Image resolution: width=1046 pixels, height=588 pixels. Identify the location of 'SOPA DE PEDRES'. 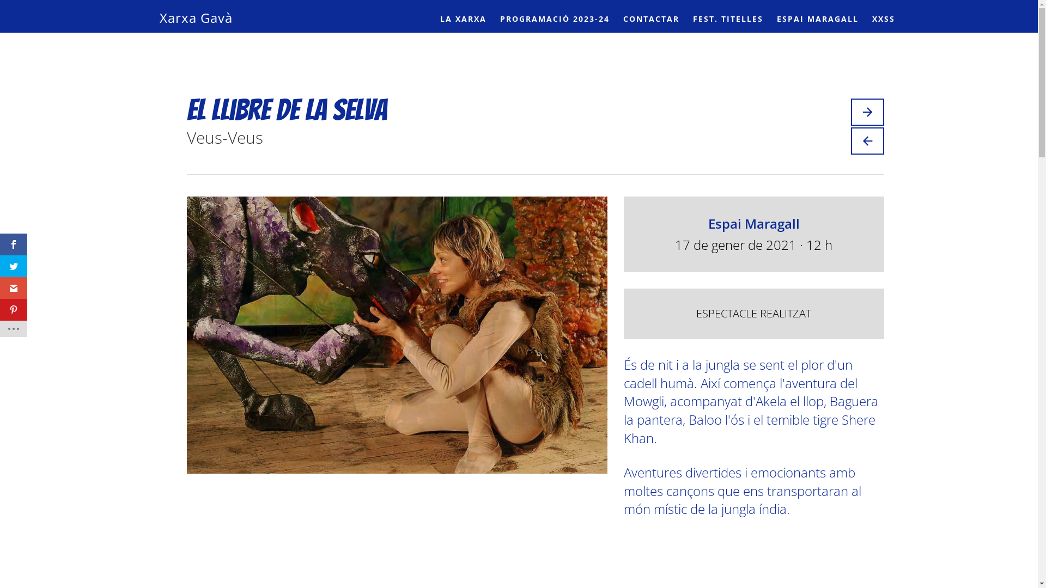
(867, 140).